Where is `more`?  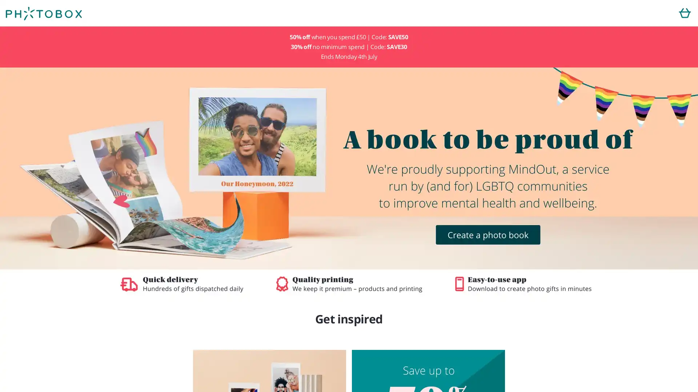
more is located at coordinates (312, 215).